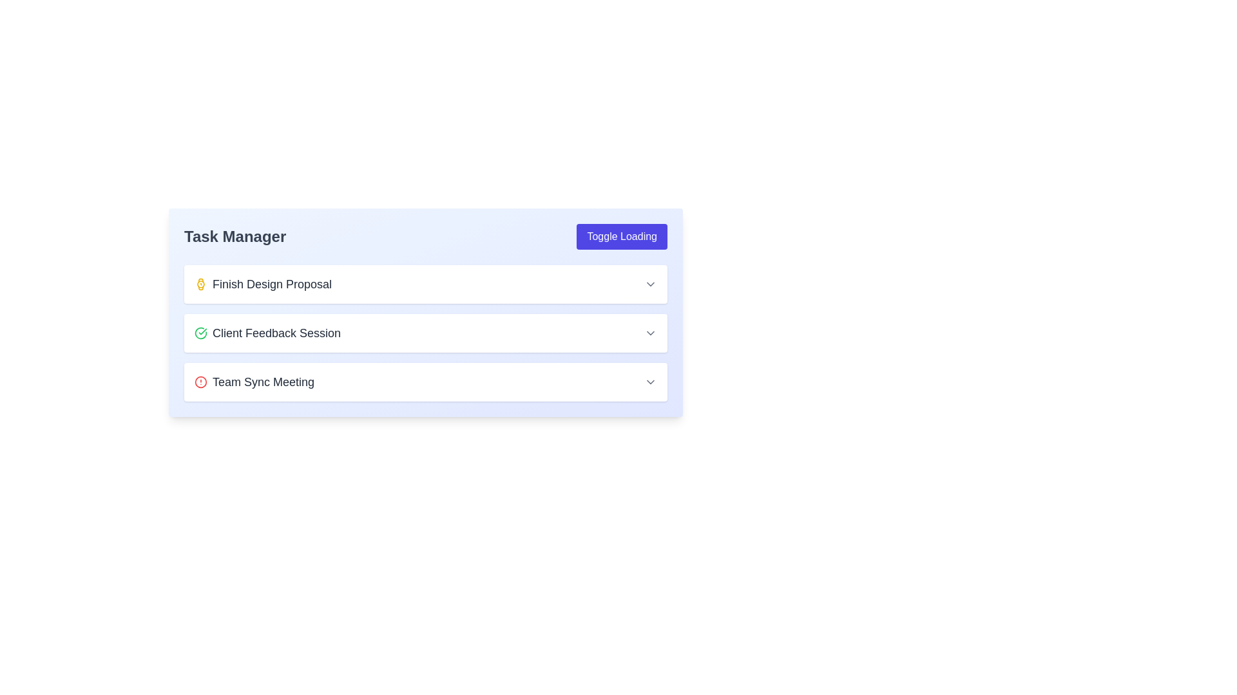 The image size is (1237, 695). What do you see at coordinates (426, 382) in the screenshot?
I see `the 'Team Sync Meeting' task item in the Task Manager section` at bounding box center [426, 382].